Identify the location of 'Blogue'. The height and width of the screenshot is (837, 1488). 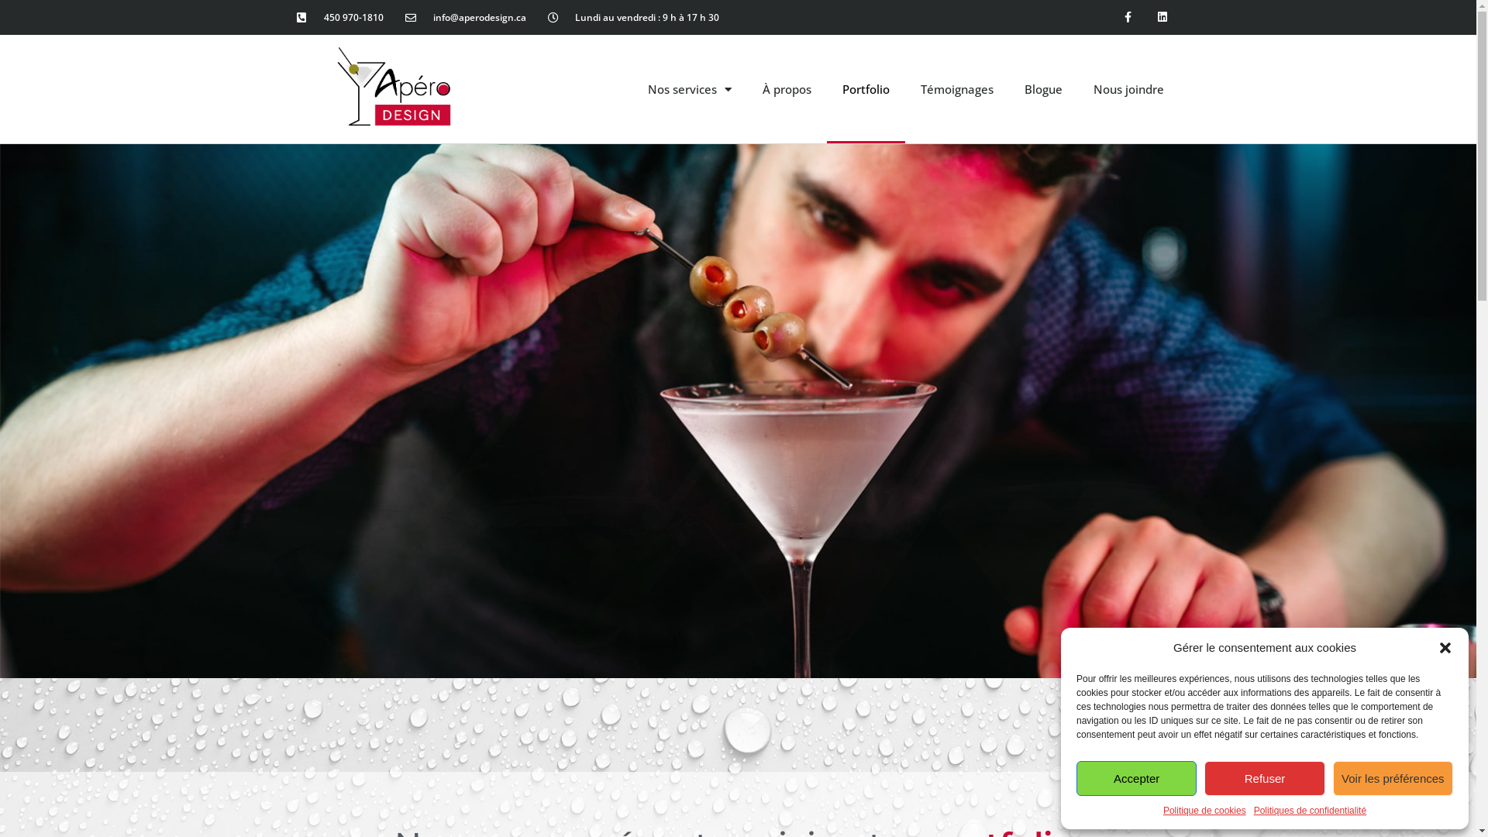
(1043, 89).